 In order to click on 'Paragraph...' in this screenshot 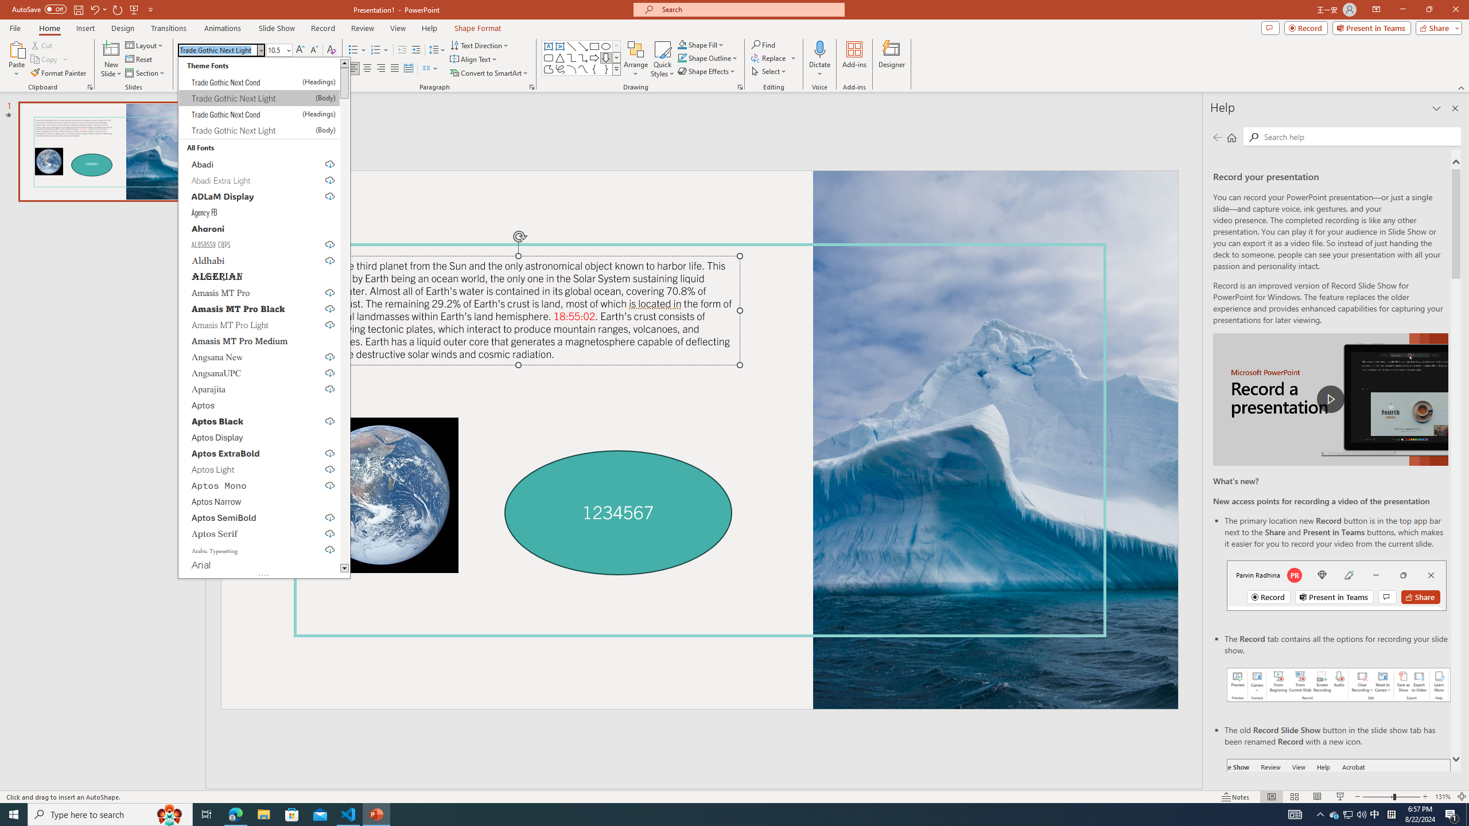, I will do `click(531, 86)`.